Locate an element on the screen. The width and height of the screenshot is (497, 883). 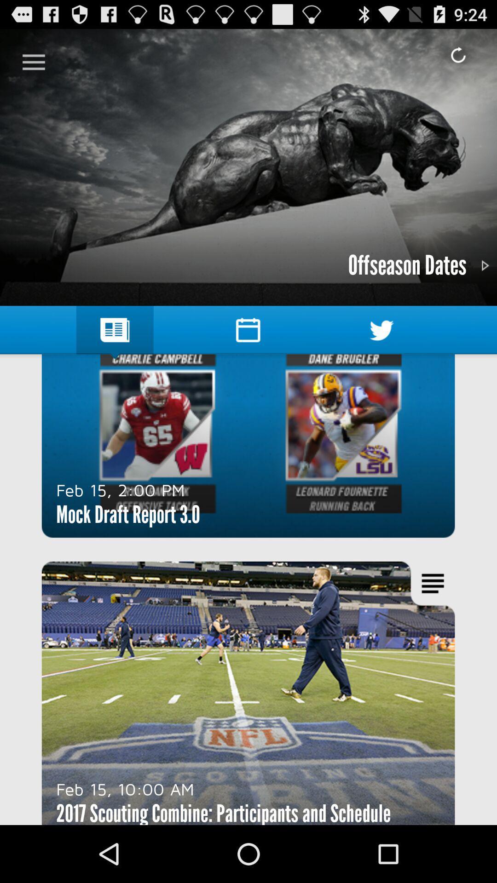
play button is located at coordinates (484, 265).